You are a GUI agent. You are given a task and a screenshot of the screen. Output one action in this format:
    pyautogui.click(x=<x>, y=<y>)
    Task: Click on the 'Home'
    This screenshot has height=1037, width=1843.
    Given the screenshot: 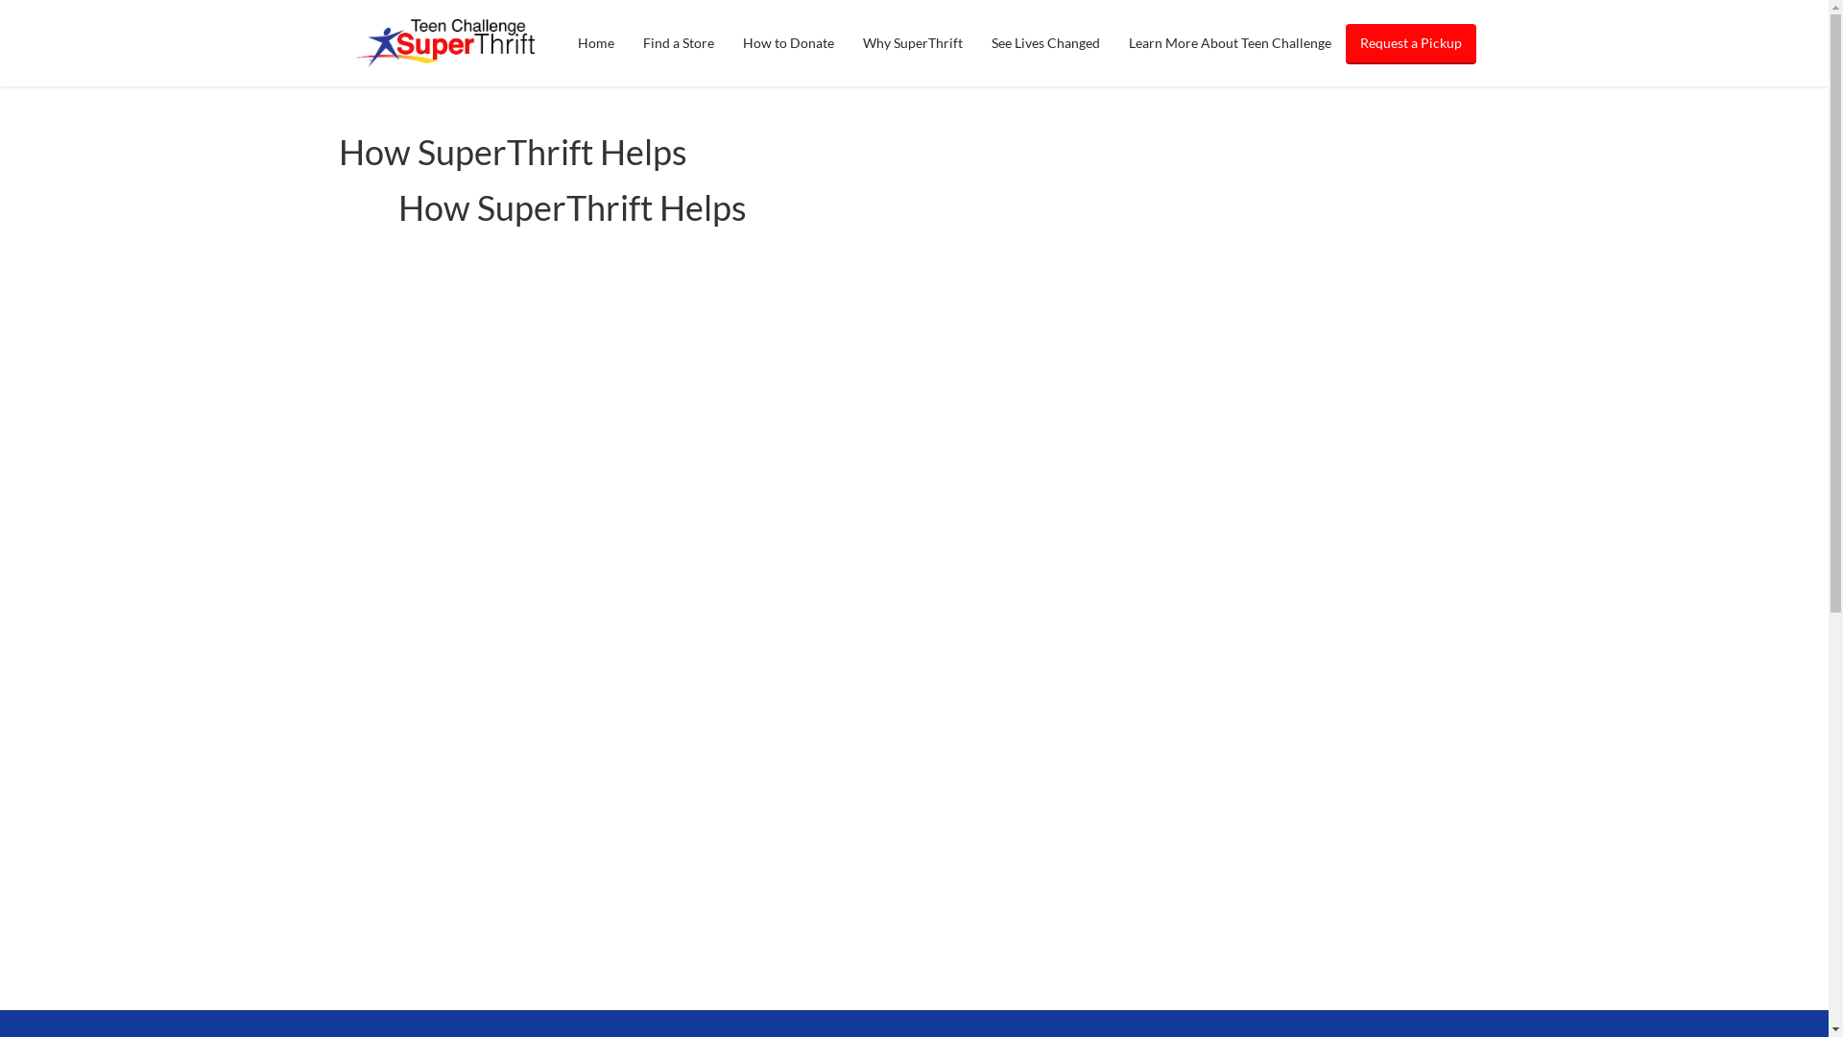 What is the action you would take?
    pyautogui.click(x=593, y=43)
    